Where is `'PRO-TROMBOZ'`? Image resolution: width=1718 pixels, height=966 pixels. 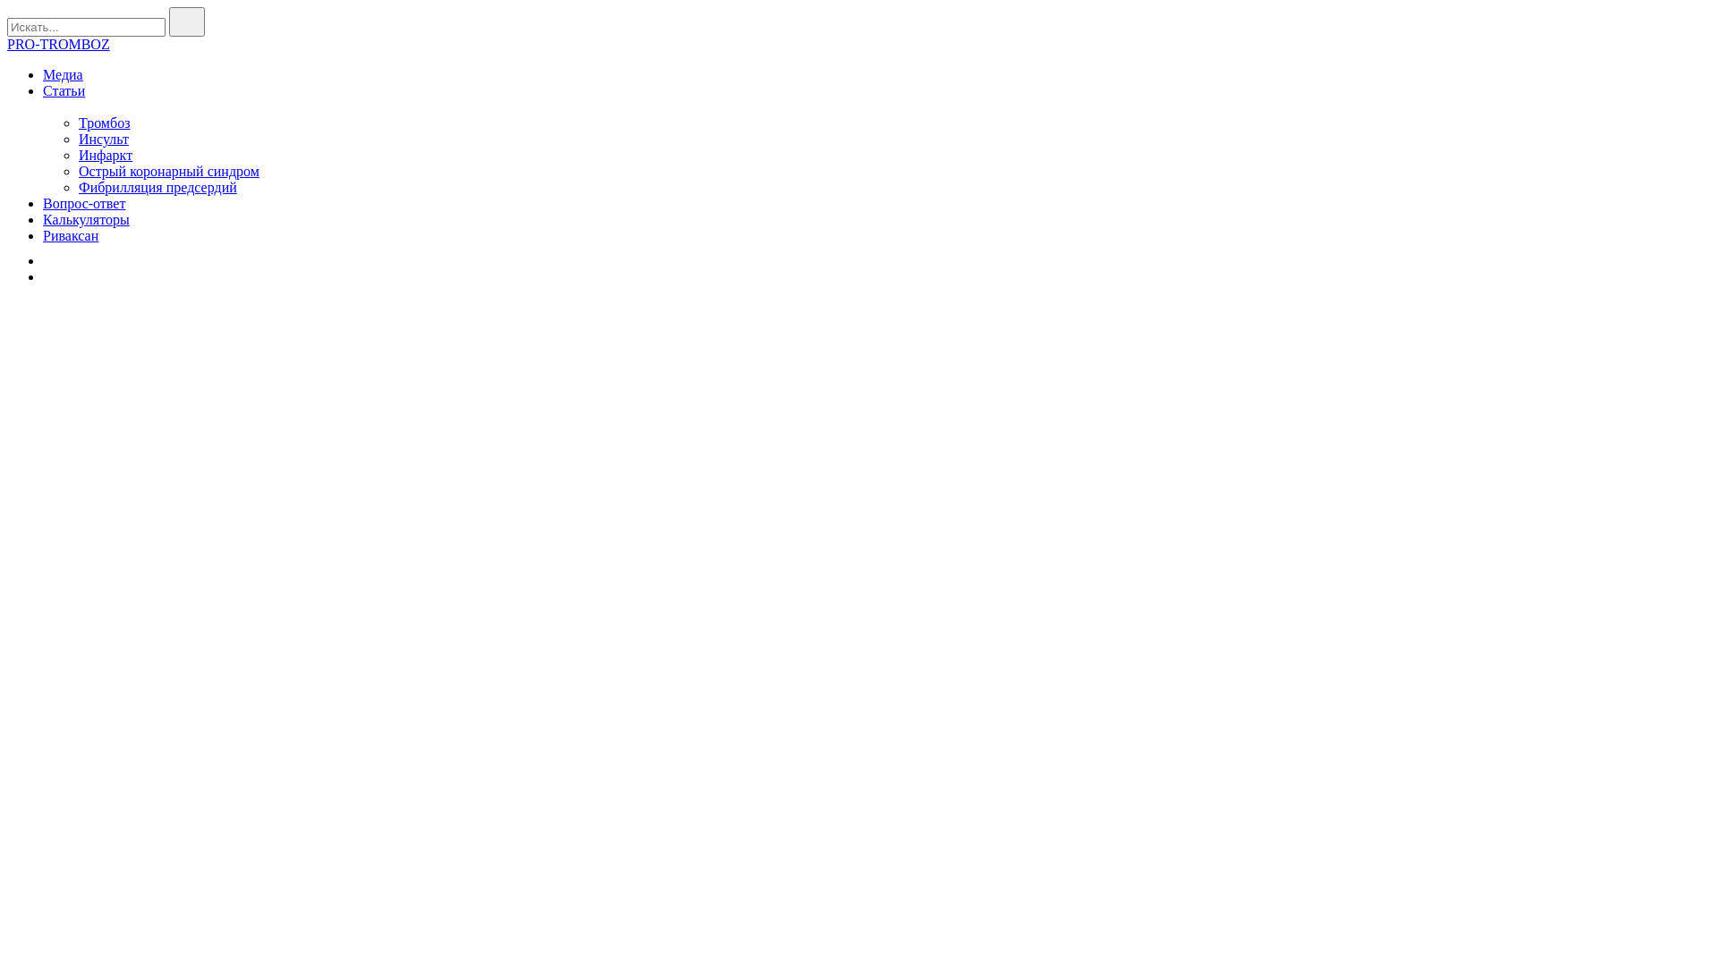
'PRO-TROMBOZ' is located at coordinates (58, 43).